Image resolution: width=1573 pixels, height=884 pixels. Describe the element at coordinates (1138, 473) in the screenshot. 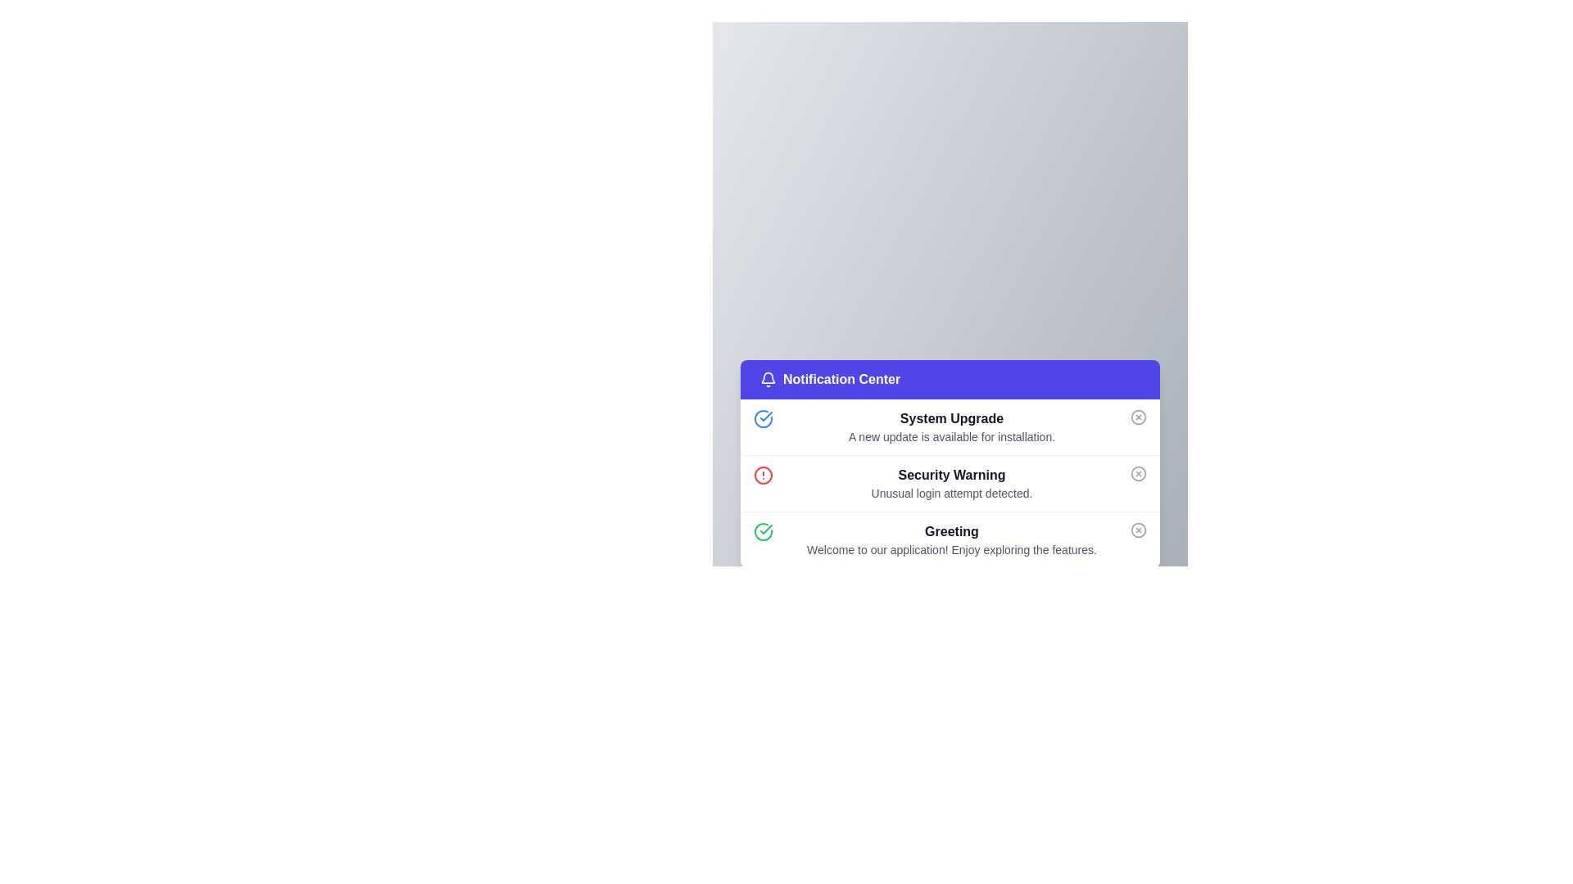

I see `the circular SVG graphical element located within the notification layout, aligned to the right of the 'Security Warning' list section` at that location.